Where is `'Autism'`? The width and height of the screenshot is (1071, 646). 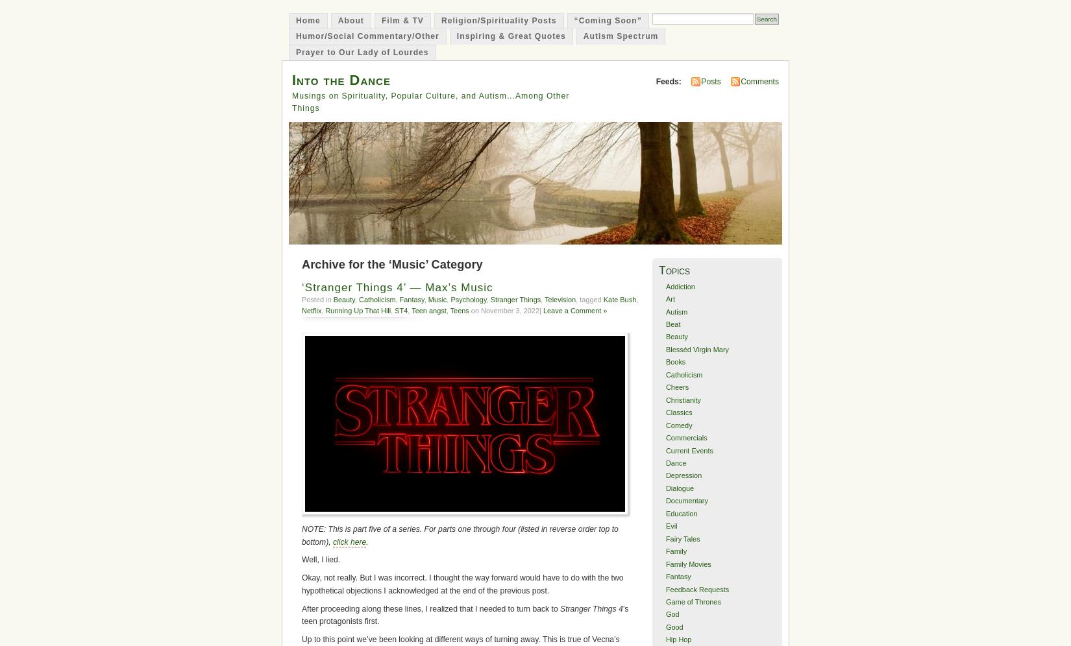 'Autism' is located at coordinates (665, 310).